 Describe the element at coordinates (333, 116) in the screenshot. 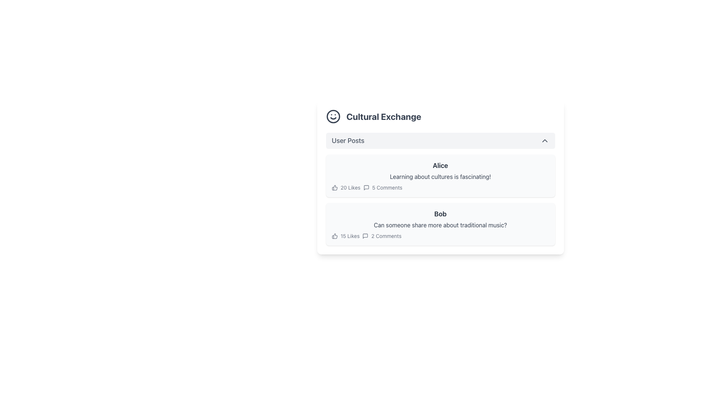

I see `circular graphical element within the smiling face icon located in the top-left corner of the 'Cultural Exchange' header section through developer tools` at that location.